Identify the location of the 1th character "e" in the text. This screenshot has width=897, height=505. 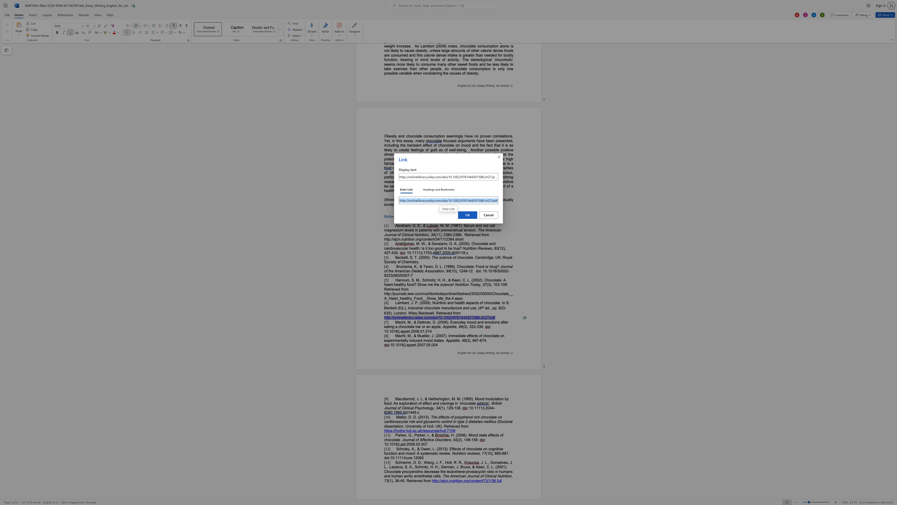
(425, 439).